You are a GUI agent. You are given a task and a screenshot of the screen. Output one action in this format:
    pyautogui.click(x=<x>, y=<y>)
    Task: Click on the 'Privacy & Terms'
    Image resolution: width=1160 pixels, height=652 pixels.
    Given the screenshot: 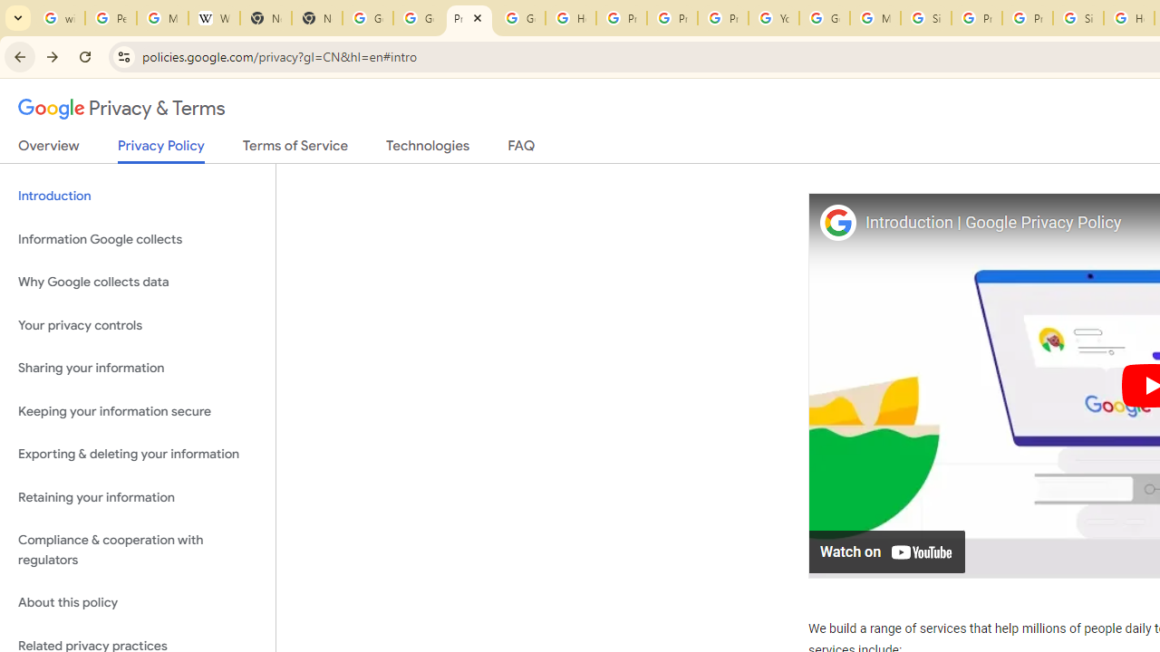 What is the action you would take?
    pyautogui.click(x=121, y=109)
    